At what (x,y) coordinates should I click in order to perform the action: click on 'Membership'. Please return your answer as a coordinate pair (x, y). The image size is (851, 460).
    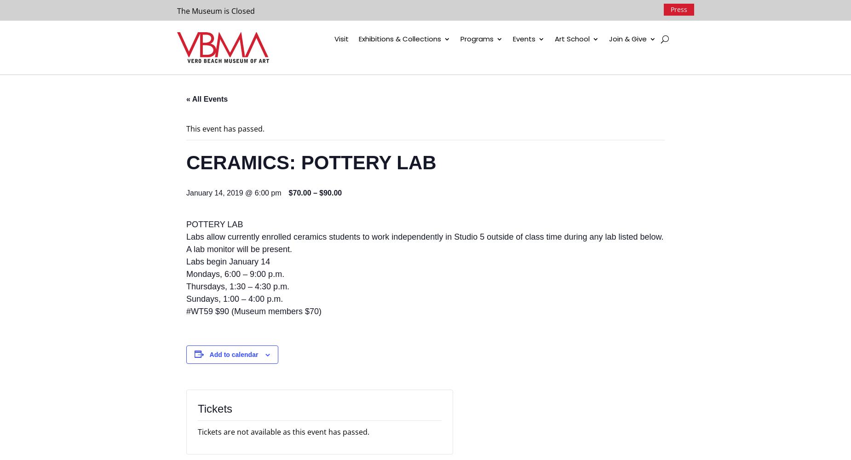
    Looking at the image, I should click on (644, 58).